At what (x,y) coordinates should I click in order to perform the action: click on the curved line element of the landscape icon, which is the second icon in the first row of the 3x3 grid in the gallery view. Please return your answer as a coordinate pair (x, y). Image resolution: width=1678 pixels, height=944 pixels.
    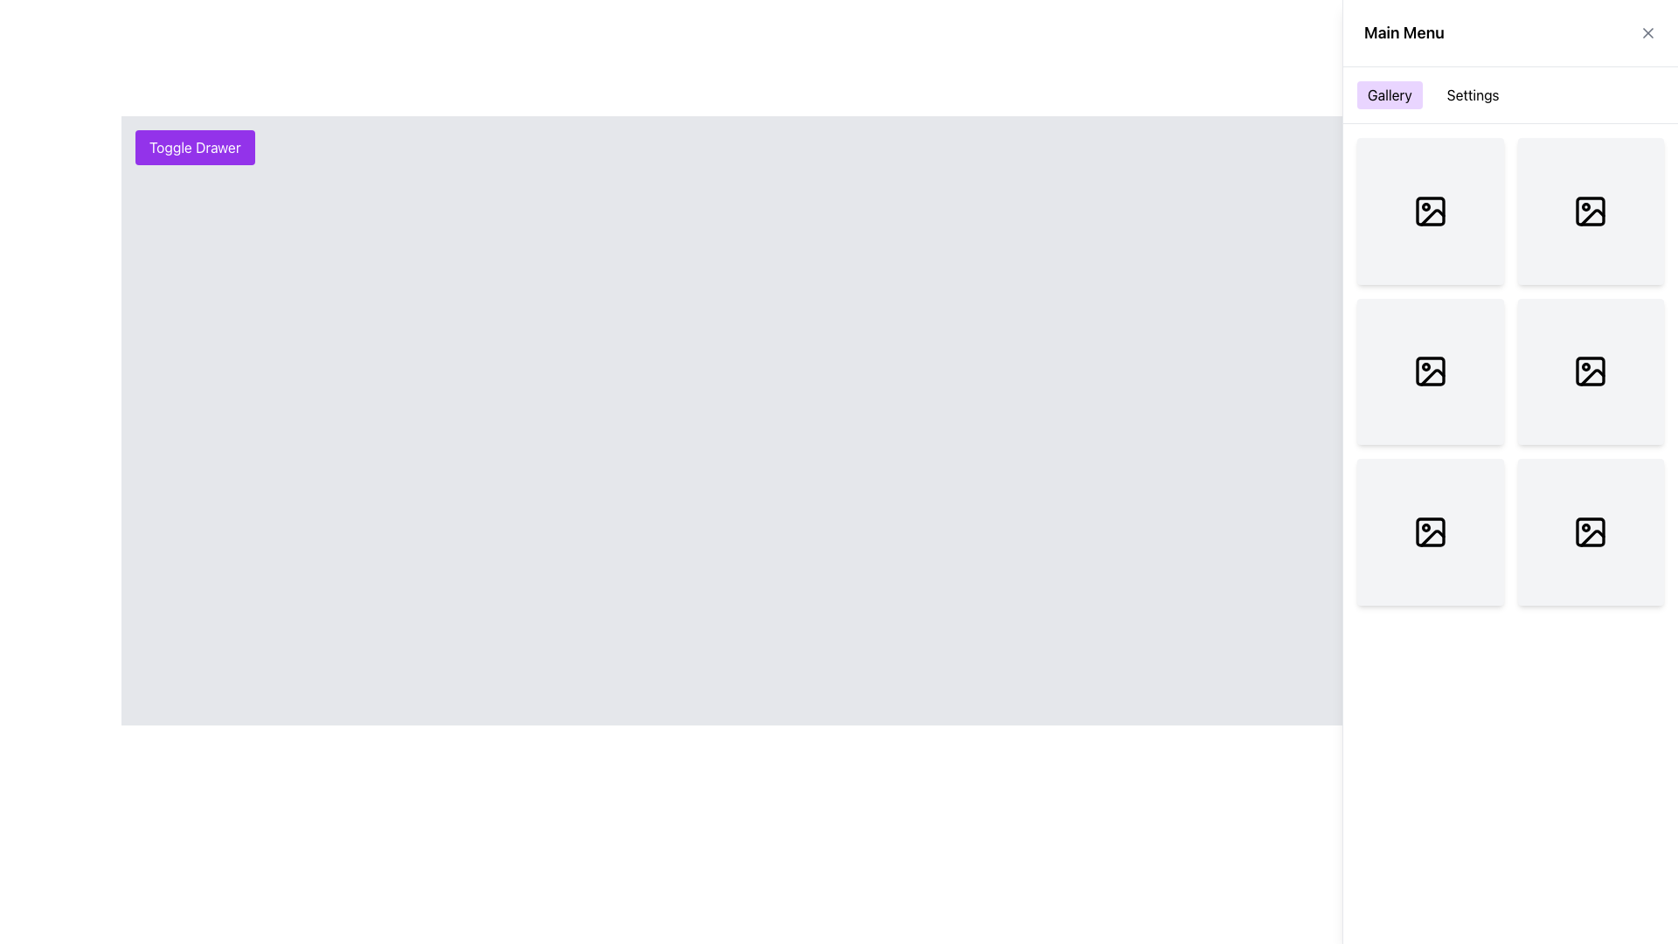
    Looking at the image, I should click on (1592, 216).